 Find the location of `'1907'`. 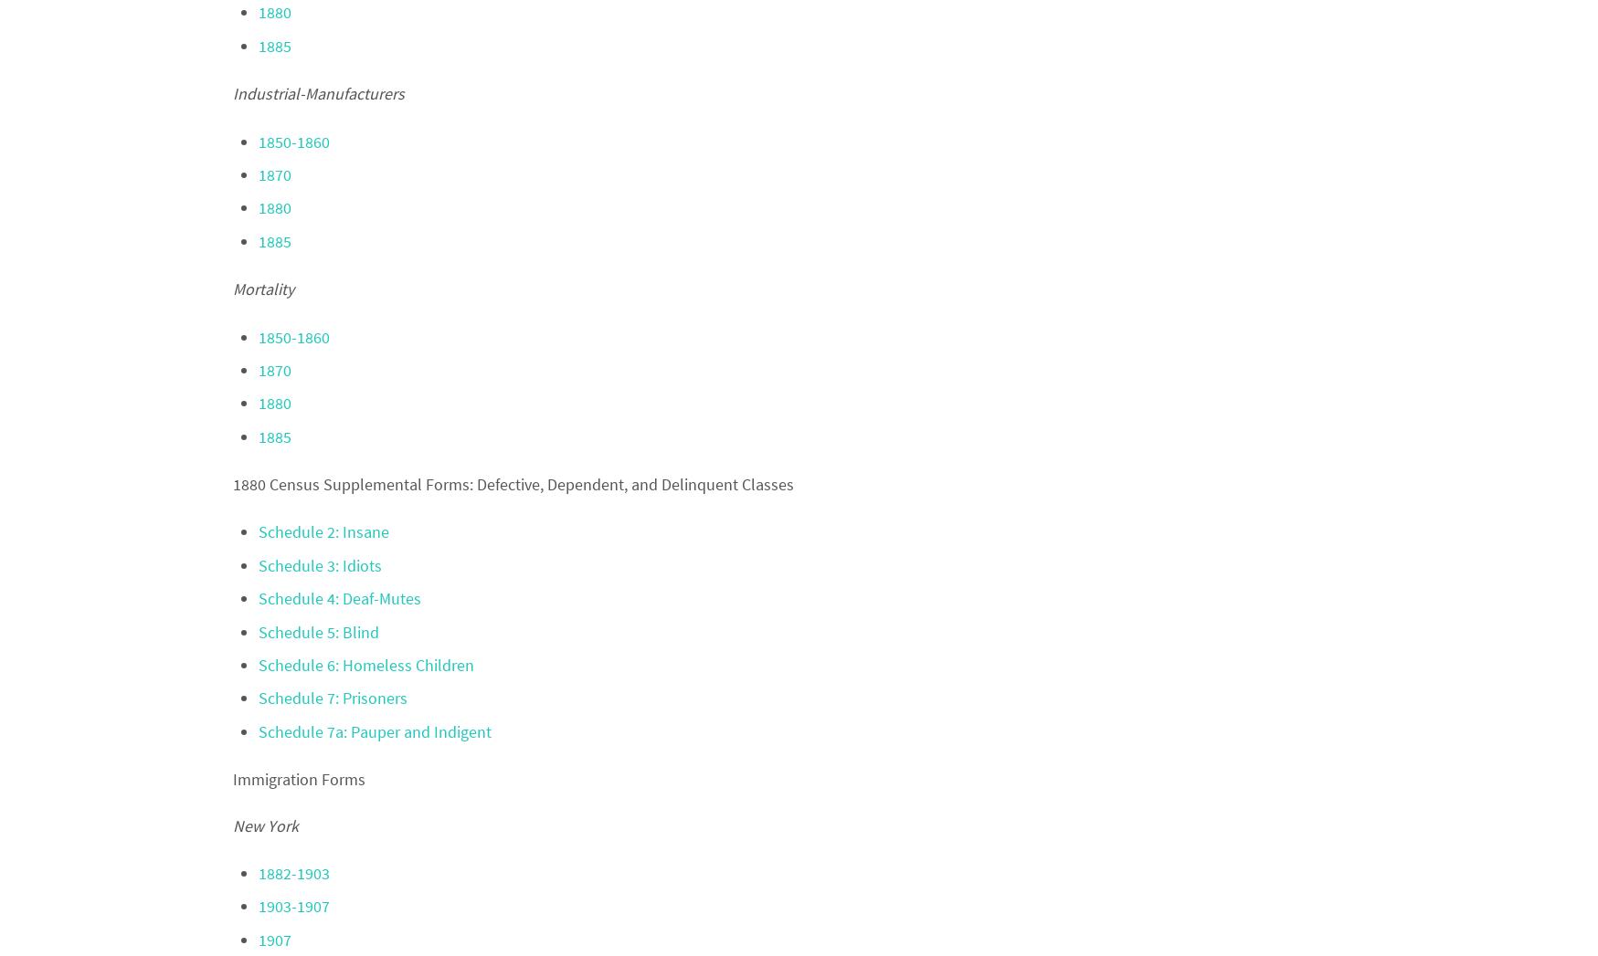

'1907' is located at coordinates (274, 939).